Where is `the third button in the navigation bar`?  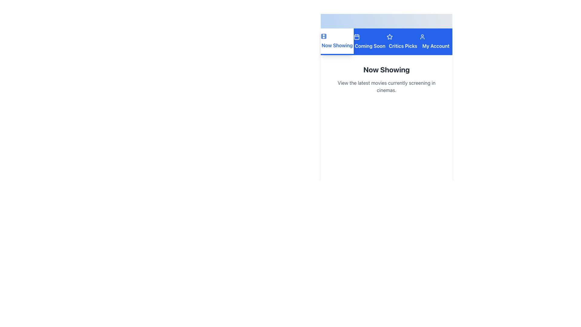 the third button in the navigation bar is located at coordinates (403, 41).